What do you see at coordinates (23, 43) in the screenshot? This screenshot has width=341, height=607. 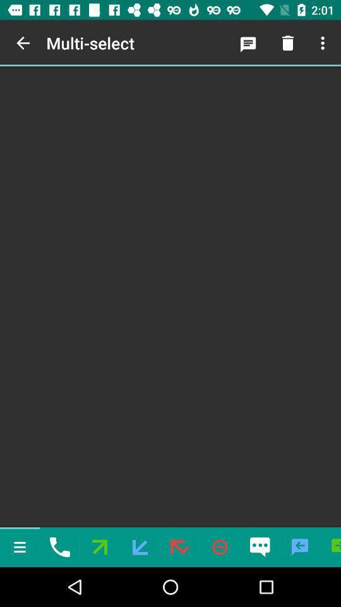 I see `icon to the left of multi-select icon` at bounding box center [23, 43].